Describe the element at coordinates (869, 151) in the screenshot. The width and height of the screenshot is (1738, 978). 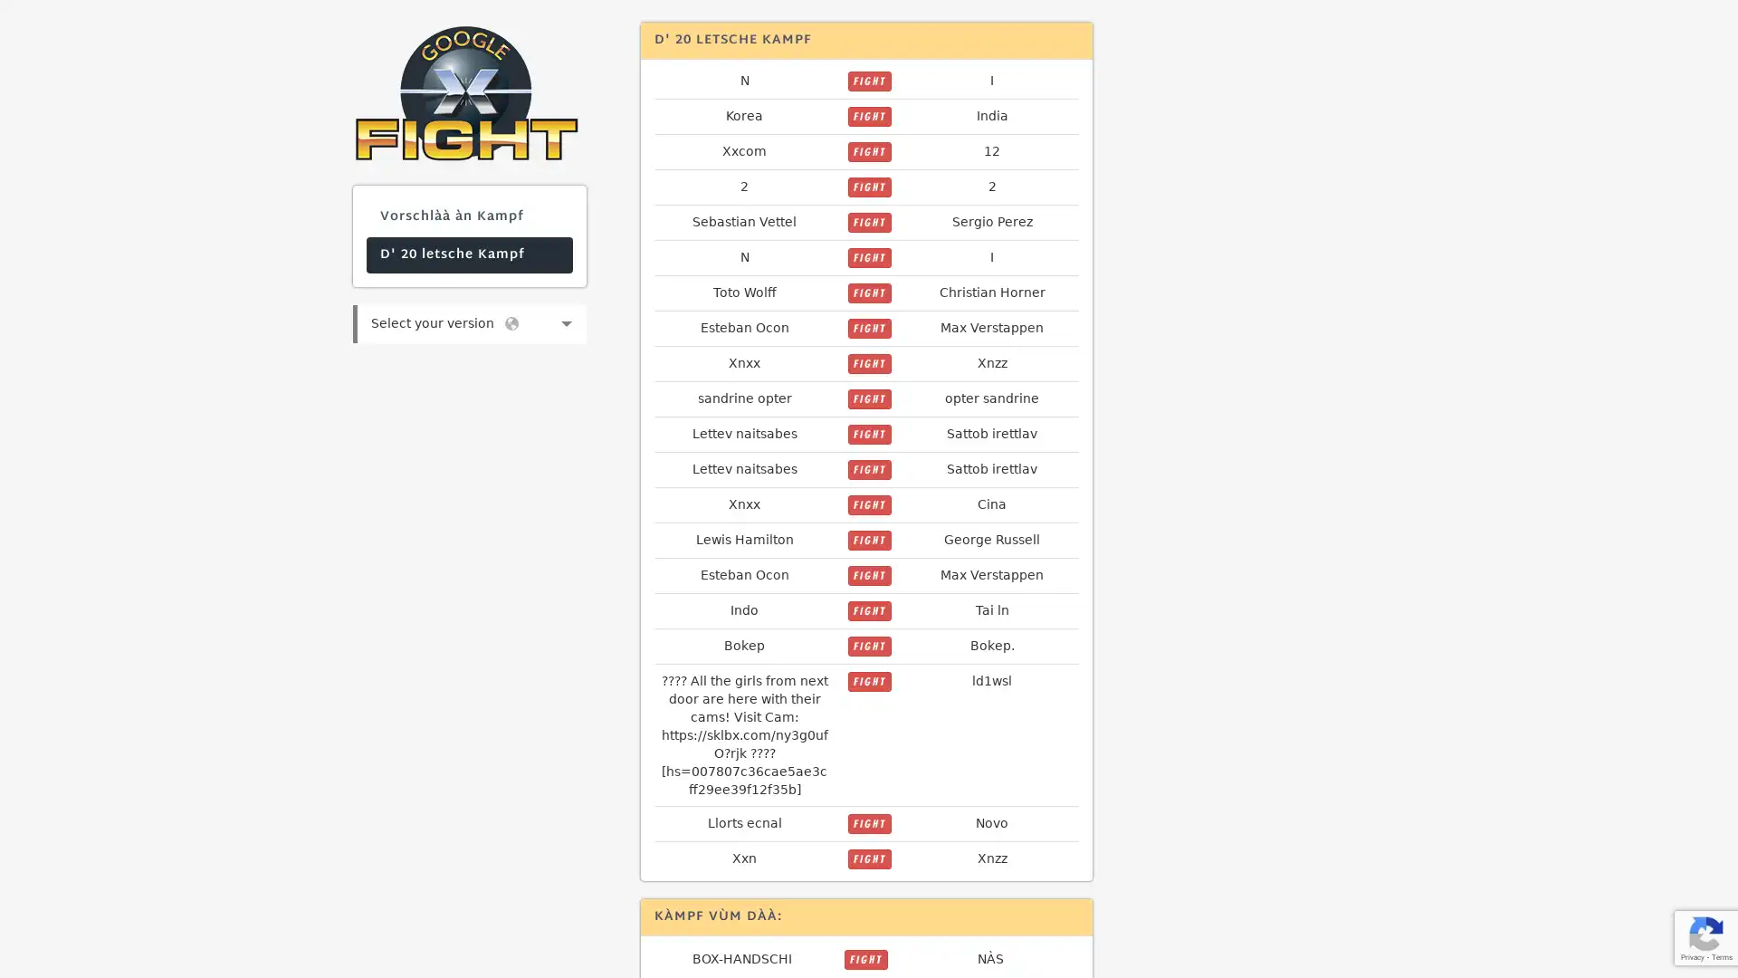
I see `FIGHT` at that location.